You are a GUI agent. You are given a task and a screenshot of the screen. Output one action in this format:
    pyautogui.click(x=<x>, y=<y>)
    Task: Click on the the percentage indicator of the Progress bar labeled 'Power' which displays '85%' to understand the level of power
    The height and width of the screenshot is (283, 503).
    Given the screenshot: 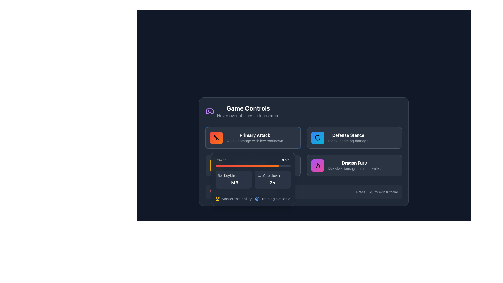 What is the action you would take?
    pyautogui.click(x=253, y=161)
    